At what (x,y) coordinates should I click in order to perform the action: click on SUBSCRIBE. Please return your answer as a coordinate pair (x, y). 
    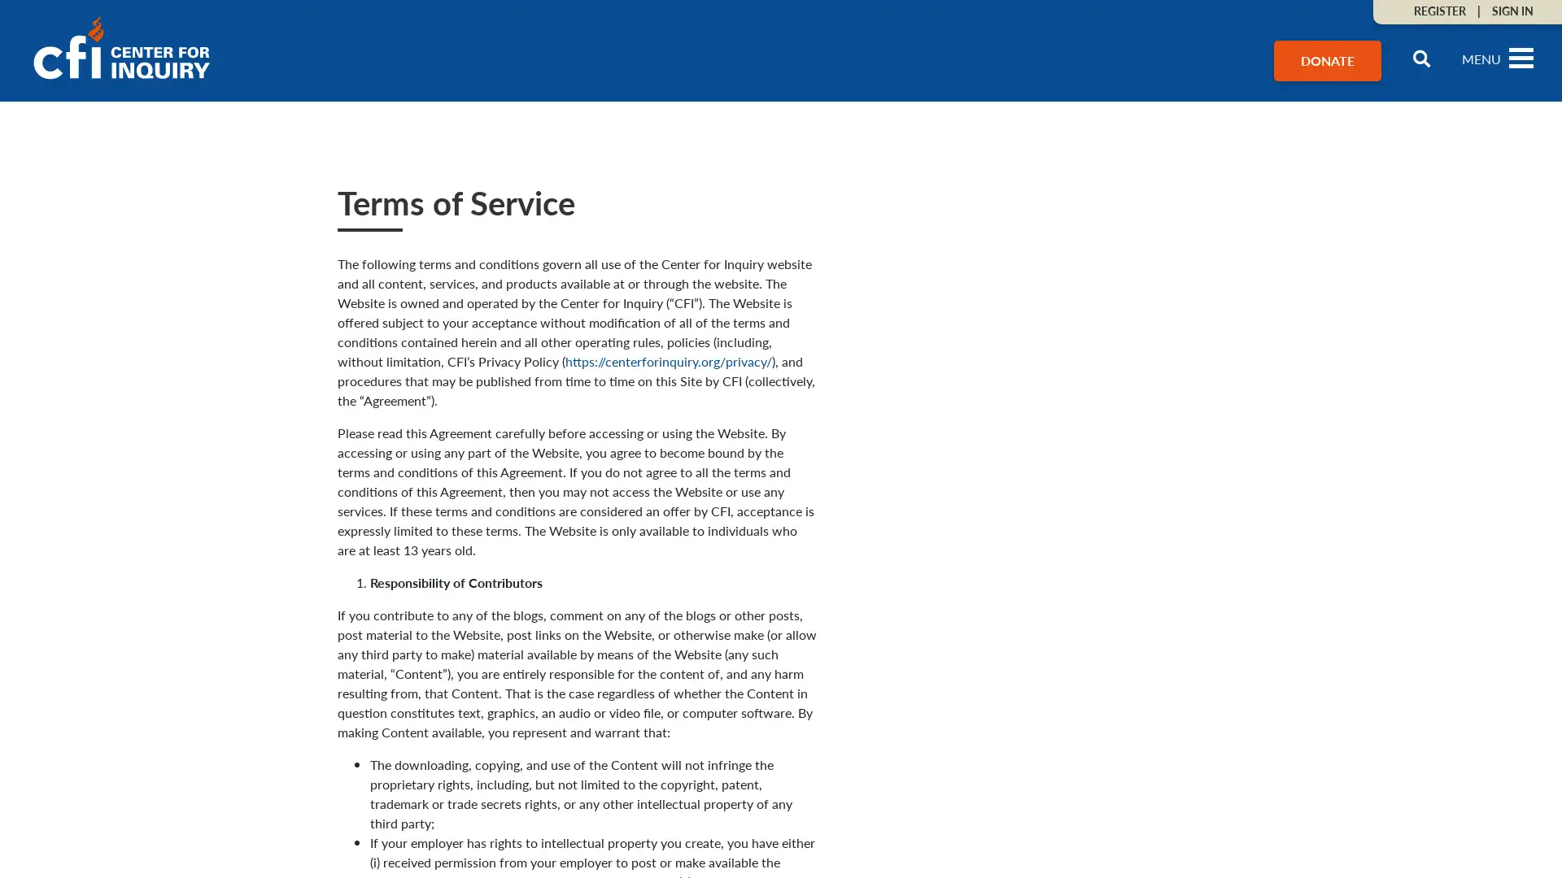
    Looking at the image, I should click on (1347, 736).